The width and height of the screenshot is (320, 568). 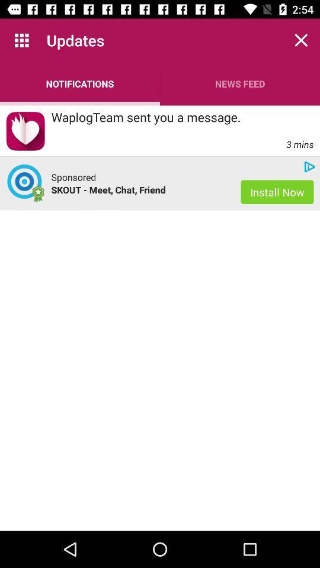 I want to click on the item to the left of the install now icon, so click(x=139, y=189).